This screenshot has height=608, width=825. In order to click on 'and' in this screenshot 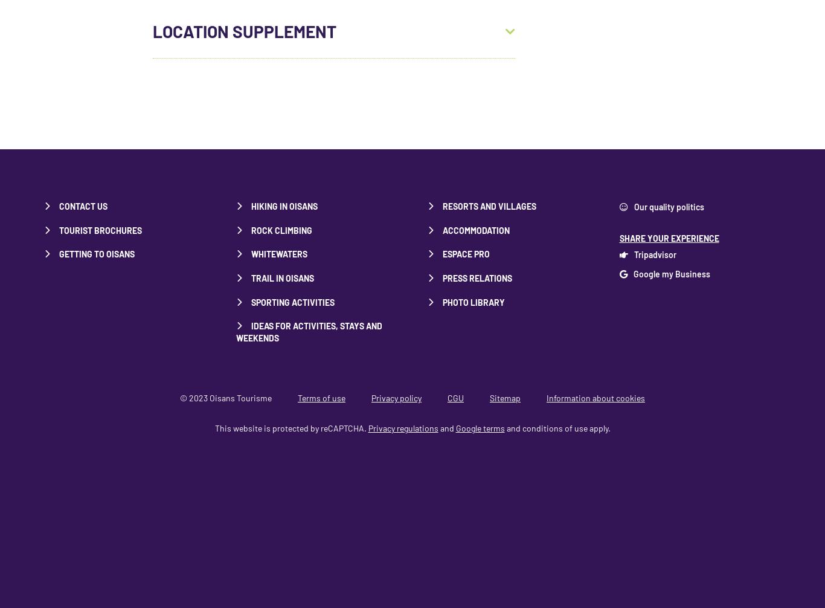, I will do `click(446, 427)`.